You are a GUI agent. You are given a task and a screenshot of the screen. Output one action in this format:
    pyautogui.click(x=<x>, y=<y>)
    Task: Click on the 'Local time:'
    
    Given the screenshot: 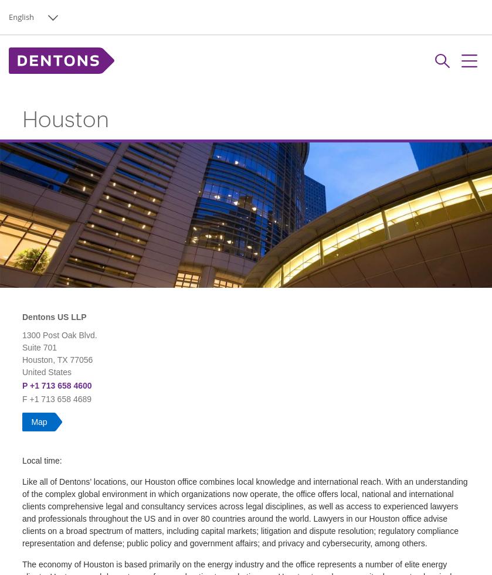 What is the action you would take?
    pyautogui.click(x=42, y=460)
    